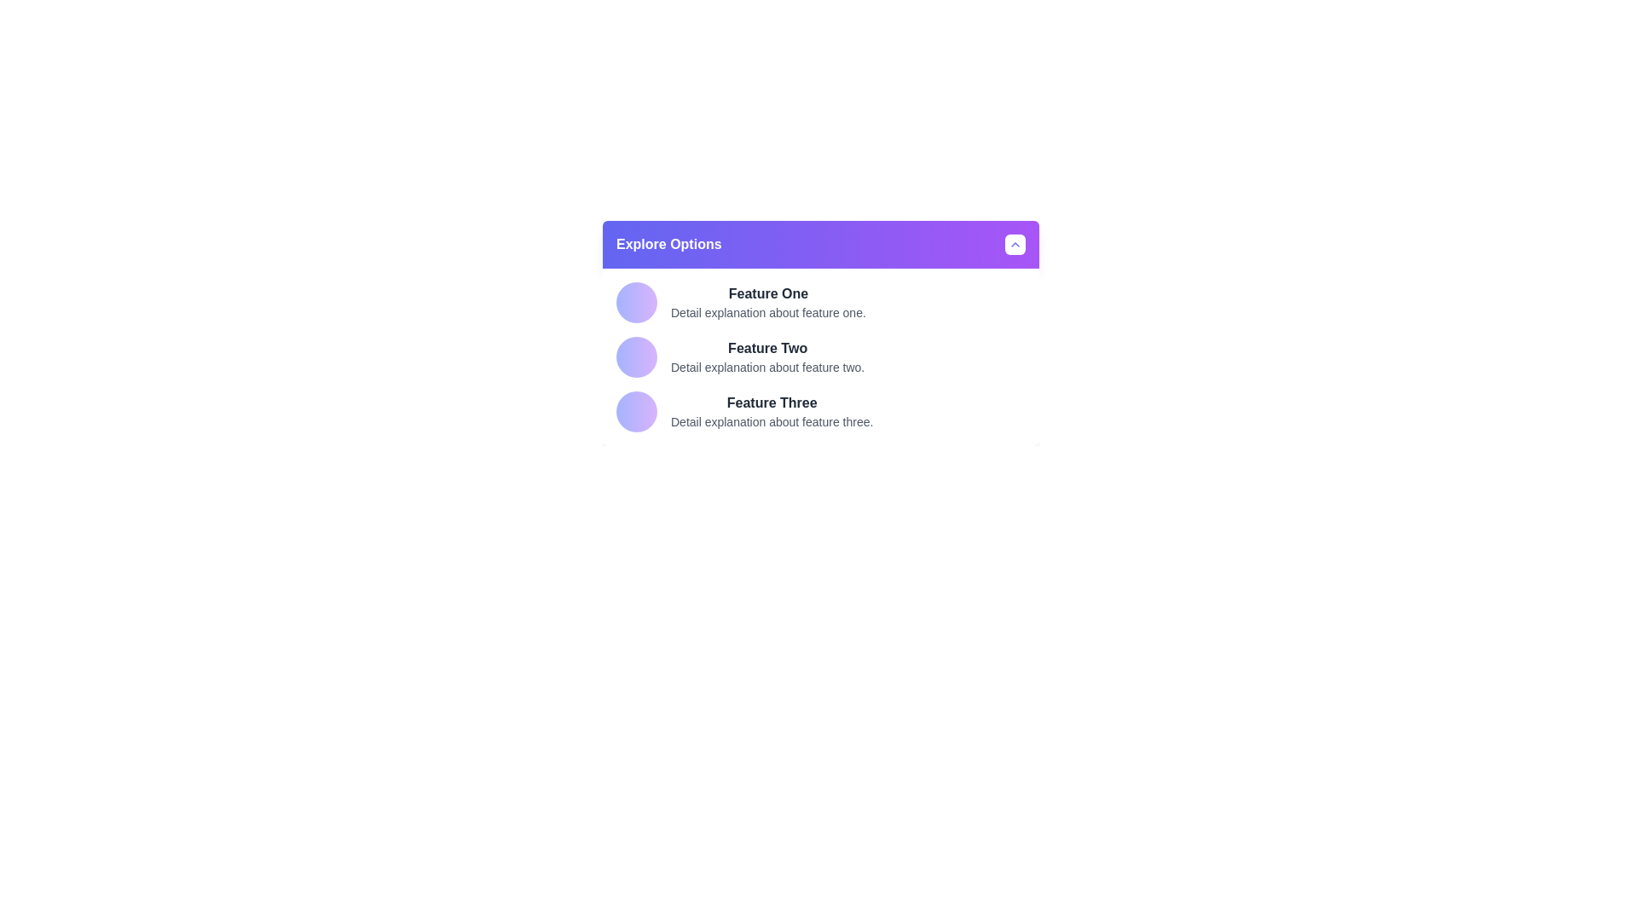 The image size is (1637, 921). What do you see at coordinates (766, 356) in the screenshot?
I see `text from the second feature description block located below 'Feature One' and above 'Feature Three', positioned towards the right side of a circular icon with a gradient background` at bounding box center [766, 356].